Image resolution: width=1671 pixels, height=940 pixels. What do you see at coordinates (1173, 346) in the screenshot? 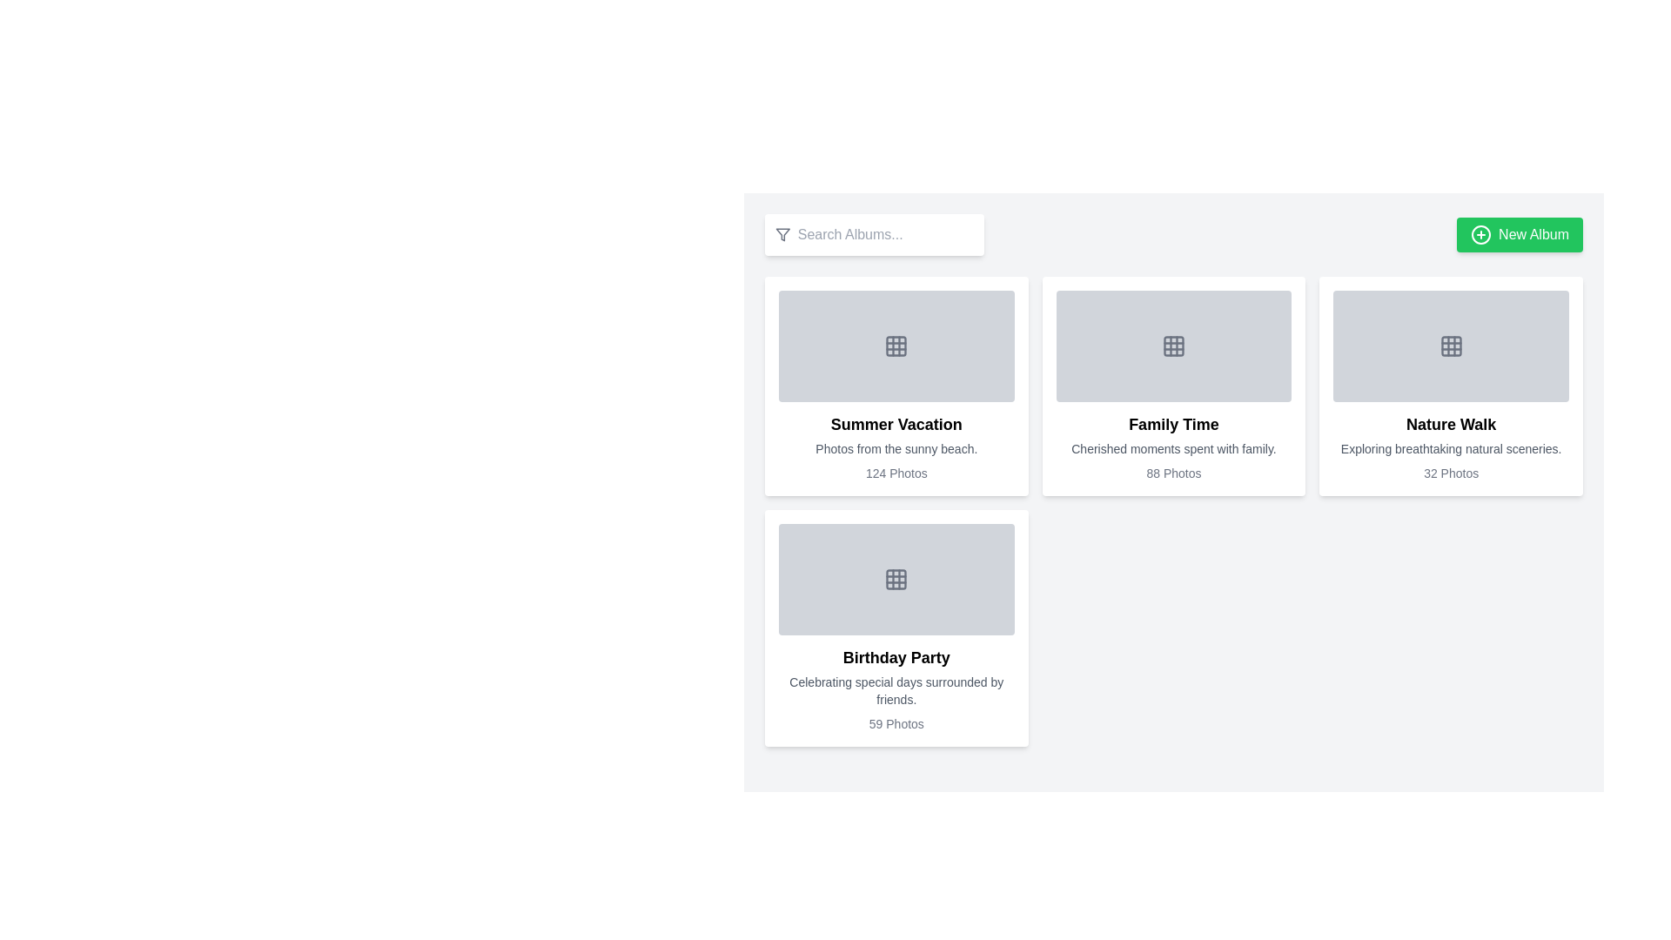
I see `the grid icon in the 'Family Time' album card to interact with the album` at bounding box center [1173, 346].